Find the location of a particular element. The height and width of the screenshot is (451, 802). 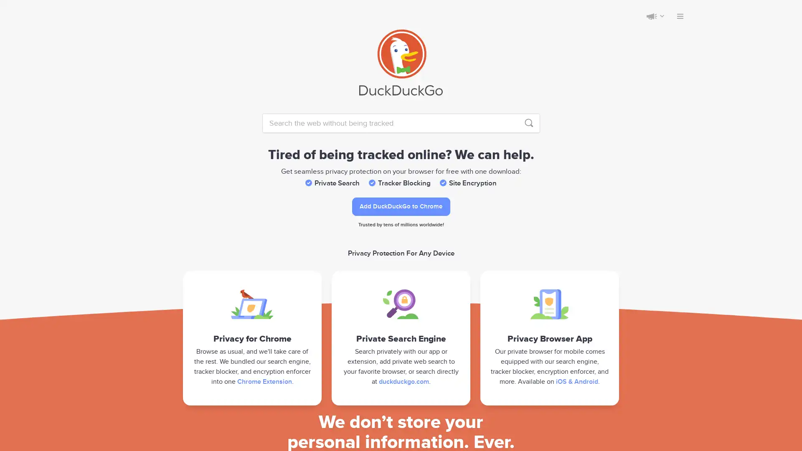

S is located at coordinates (528, 123).